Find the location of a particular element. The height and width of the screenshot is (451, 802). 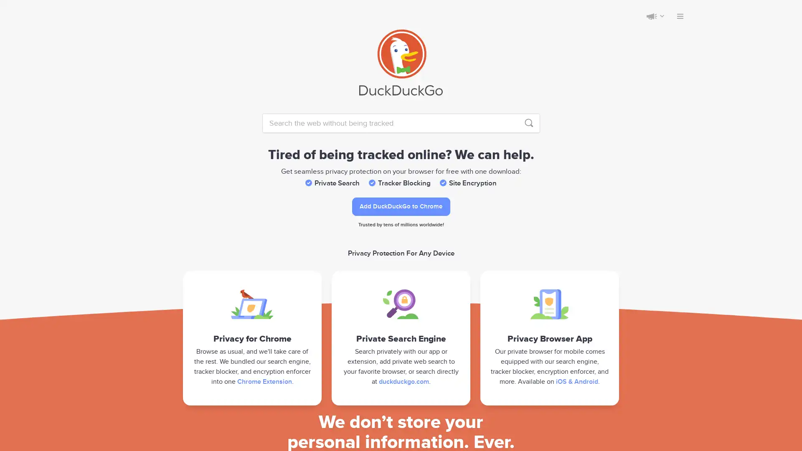

S is located at coordinates (528, 123).